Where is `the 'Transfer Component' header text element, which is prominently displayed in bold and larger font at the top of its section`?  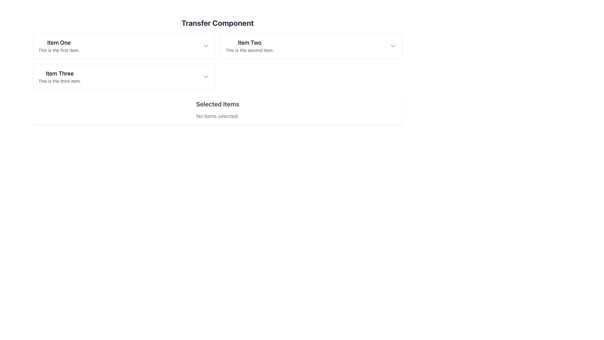
the 'Transfer Component' header text element, which is prominently displayed in bold and larger font at the top of its section is located at coordinates (217, 23).